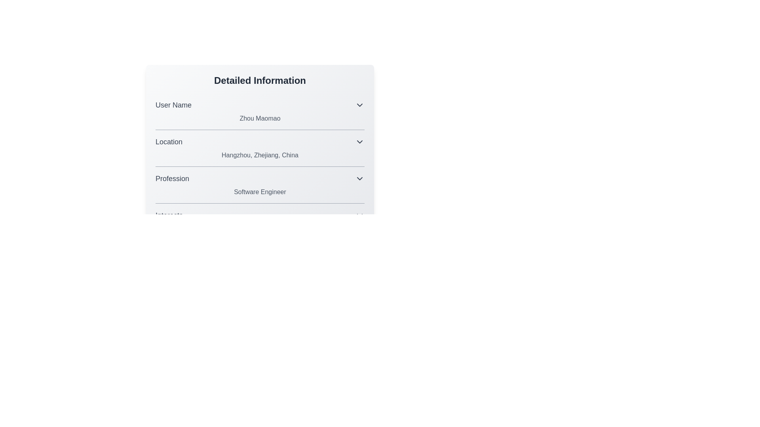  I want to click on the text label indicating the user's profession located in the vertical list under the 'Detailed Information' heading, so click(172, 178).